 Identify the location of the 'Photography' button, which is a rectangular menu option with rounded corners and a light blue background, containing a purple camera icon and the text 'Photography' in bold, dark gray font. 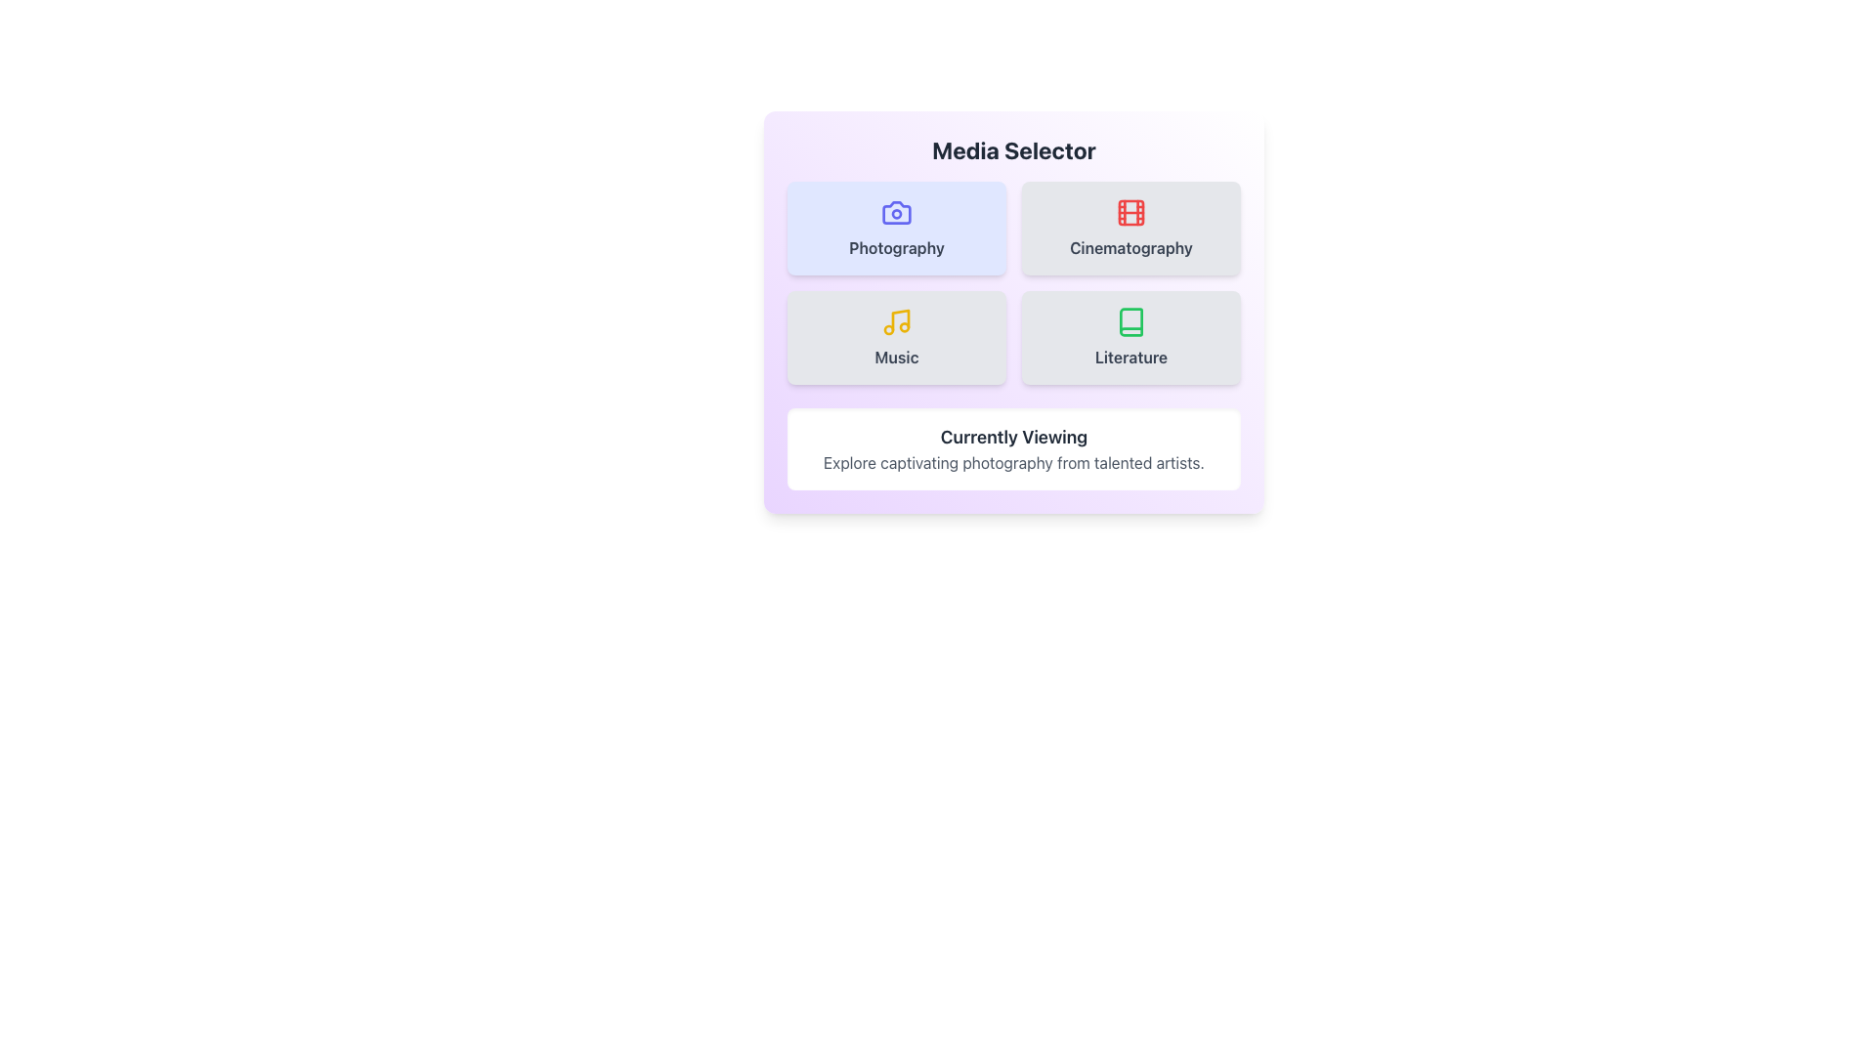
(895, 228).